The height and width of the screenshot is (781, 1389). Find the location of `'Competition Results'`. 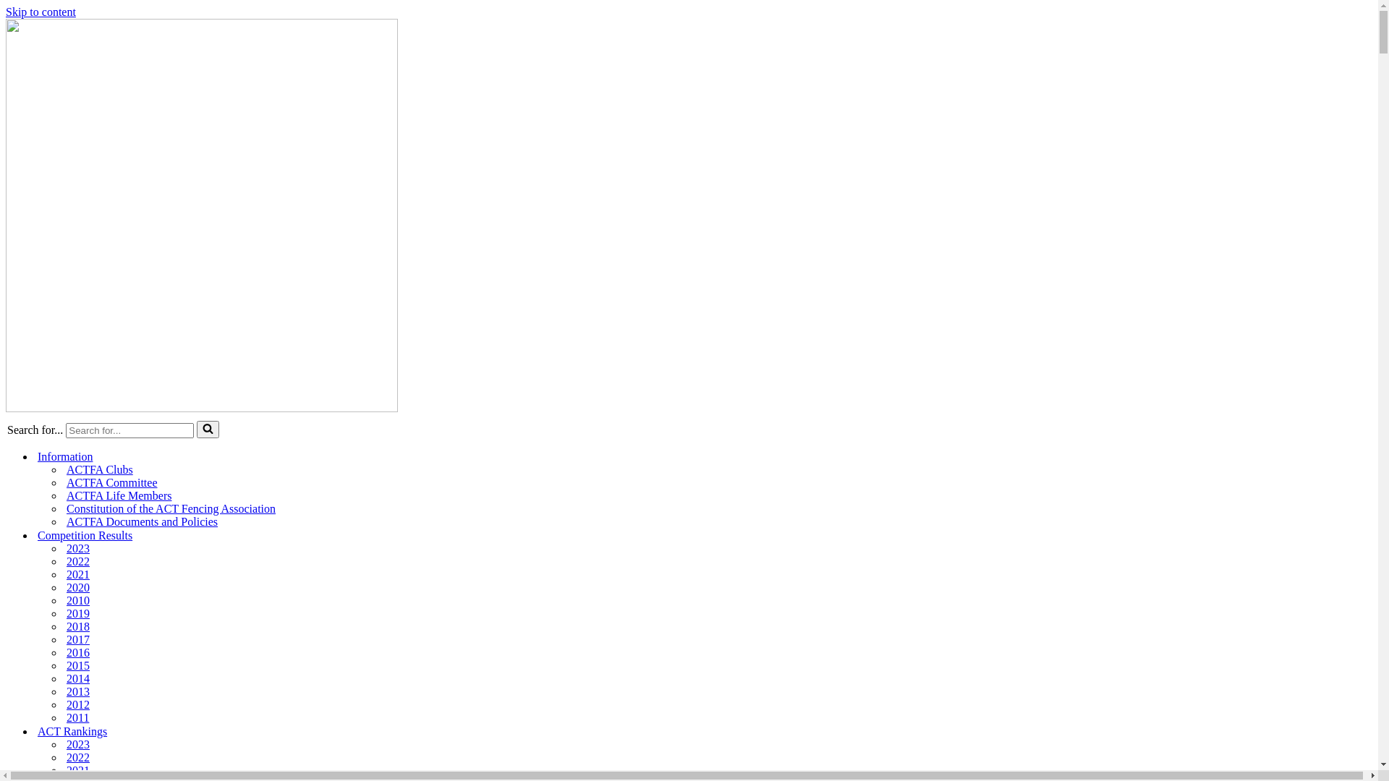

'Competition Results' is located at coordinates (38, 535).